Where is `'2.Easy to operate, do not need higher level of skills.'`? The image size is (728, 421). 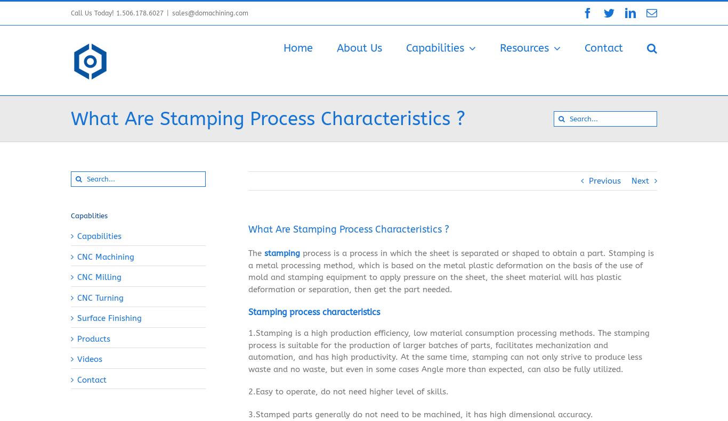 '2.Easy to operate, do not need higher level of skills.' is located at coordinates (348, 393).